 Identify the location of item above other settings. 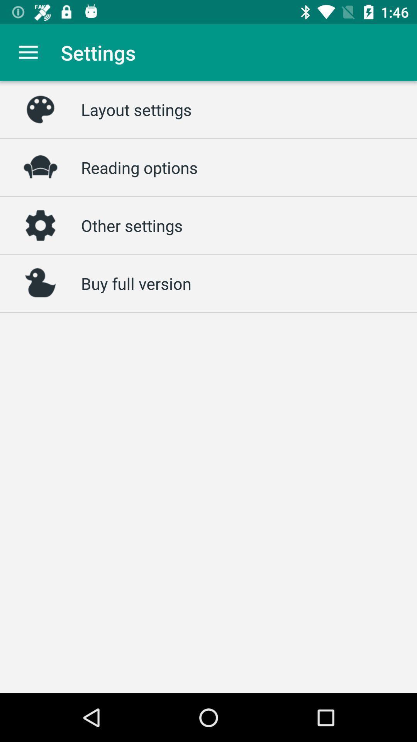
(139, 167).